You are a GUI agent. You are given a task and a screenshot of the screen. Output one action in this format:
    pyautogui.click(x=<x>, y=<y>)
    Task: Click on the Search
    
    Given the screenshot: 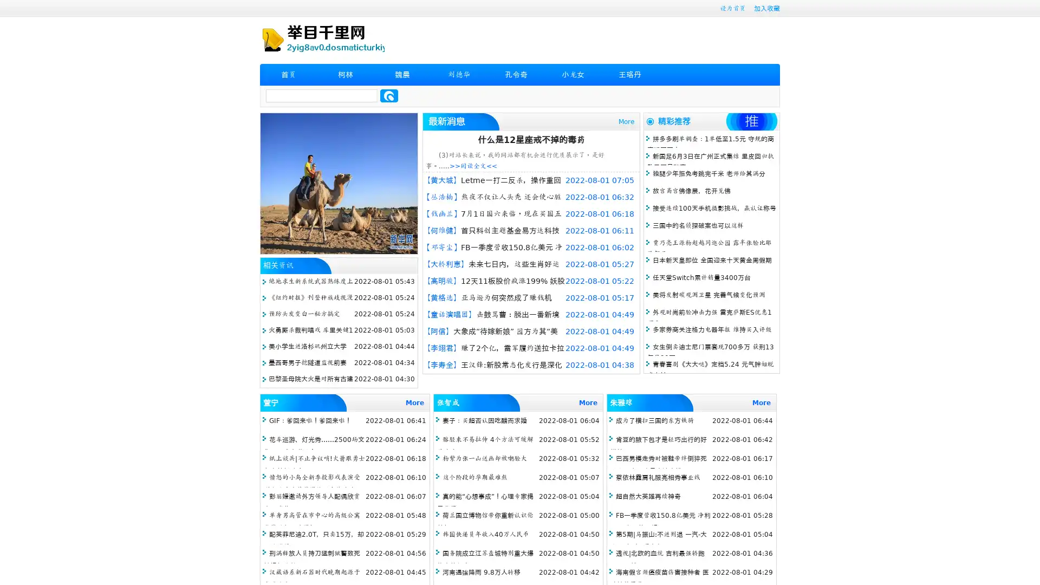 What is the action you would take?
    pyautogui.click(x=389, y=95)
    